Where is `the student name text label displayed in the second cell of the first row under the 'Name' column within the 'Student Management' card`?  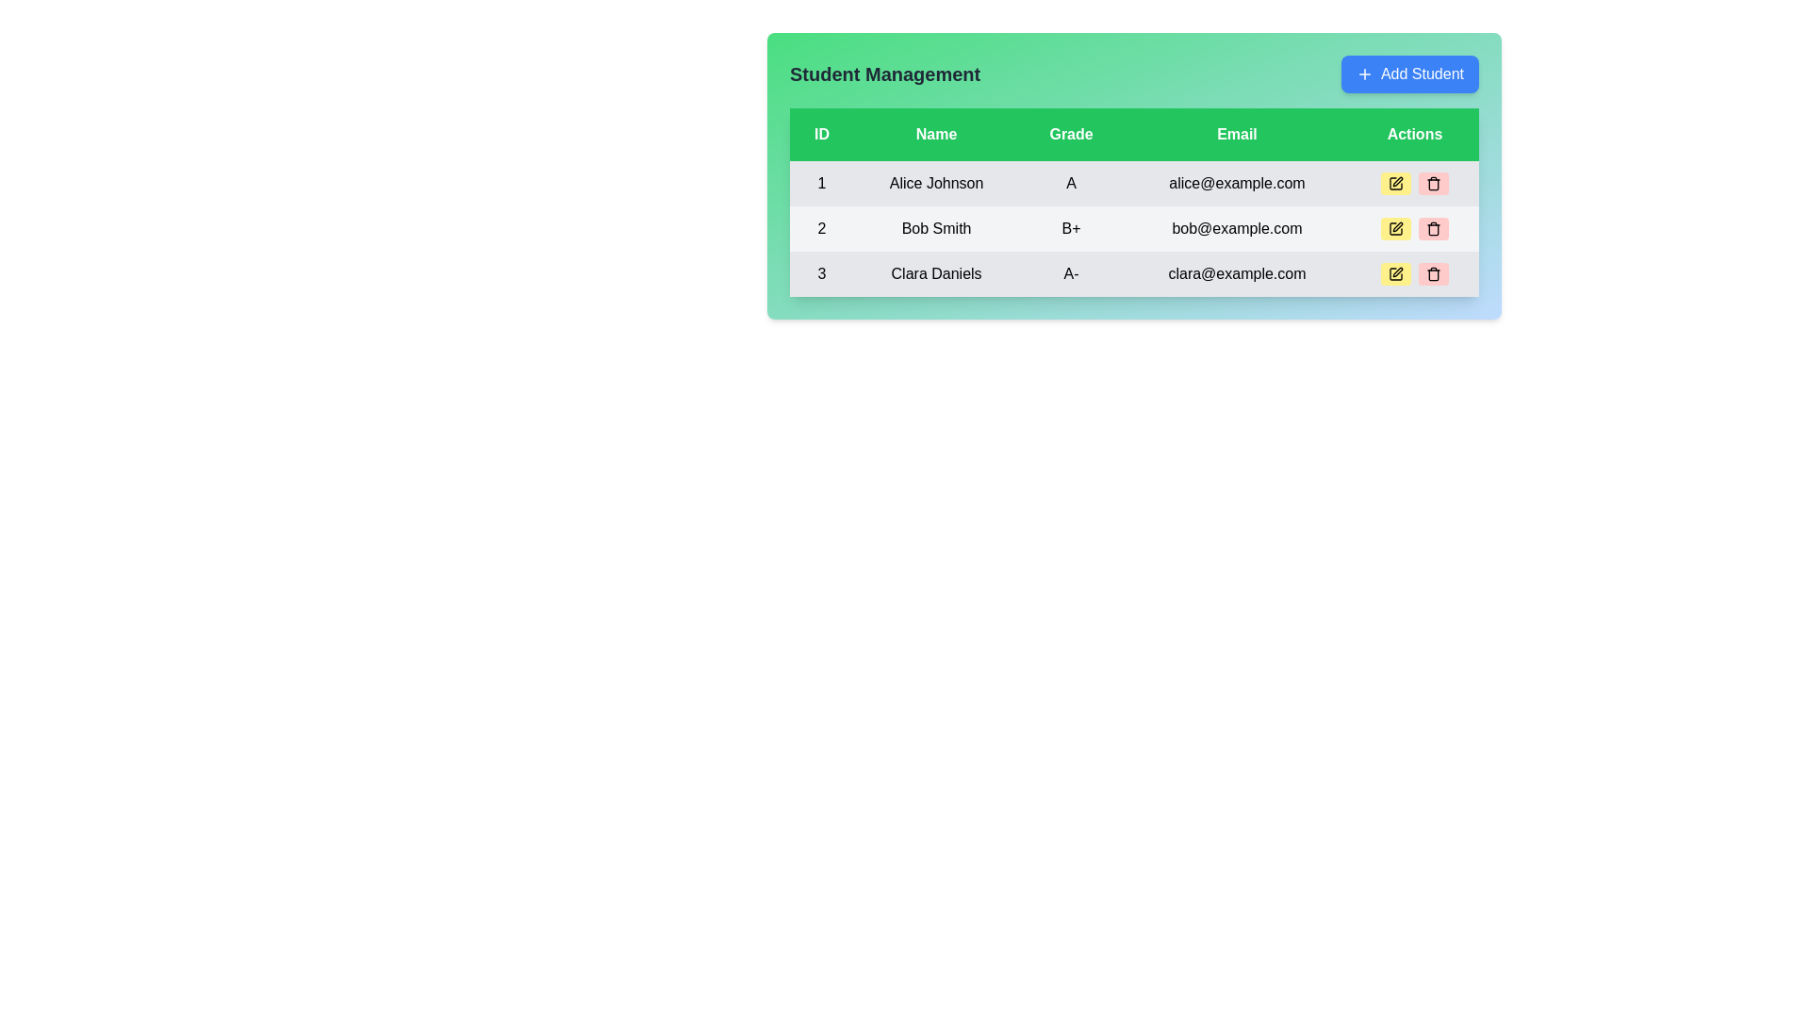 the student name text label displayed in the second cell of the first row under the 'Name' column within the 'Student Management' card is located at coordinates (936, 184).